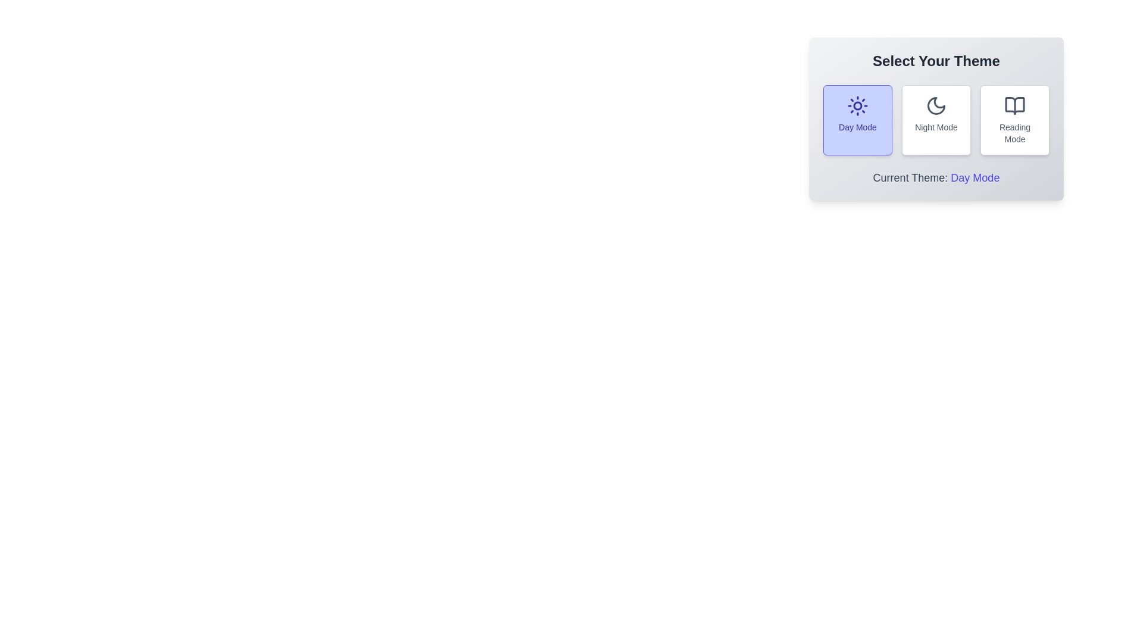 This screenshot has width=1143, height=643. What do you see at coordinates (1014, 120) in the screenshot?
I see `the button corresponding to Reading mode` at bounding box center [1014, 120].